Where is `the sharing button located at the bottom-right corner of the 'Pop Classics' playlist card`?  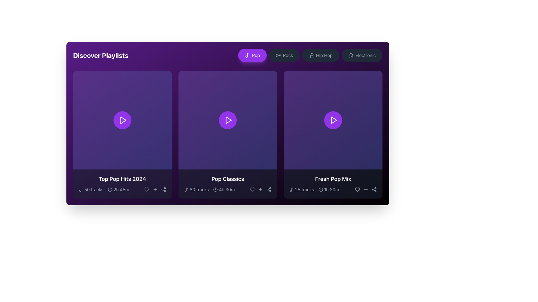
the sharing button located at the bottom-right corner of the 'Pop Classics' playlist card is located at coordinates (269, 189).